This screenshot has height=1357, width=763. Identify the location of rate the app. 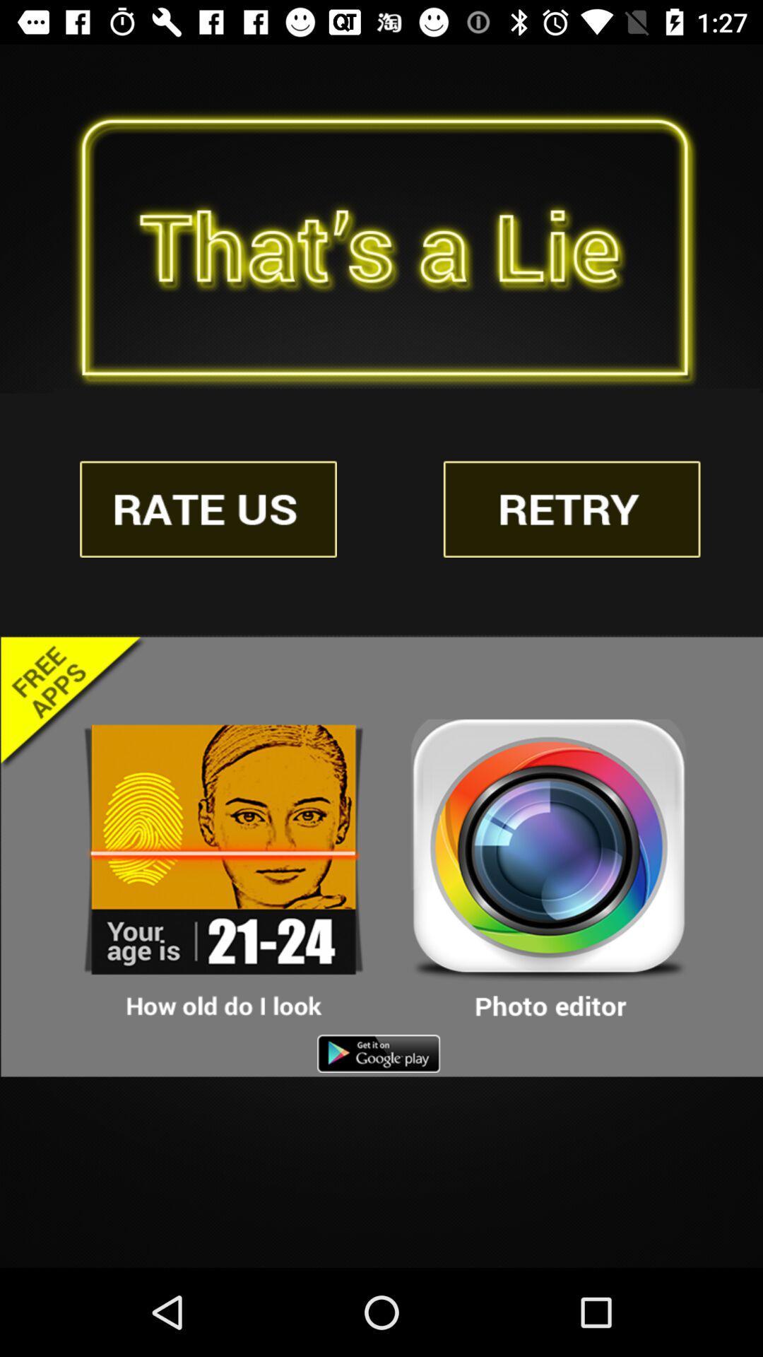
(208, 509).